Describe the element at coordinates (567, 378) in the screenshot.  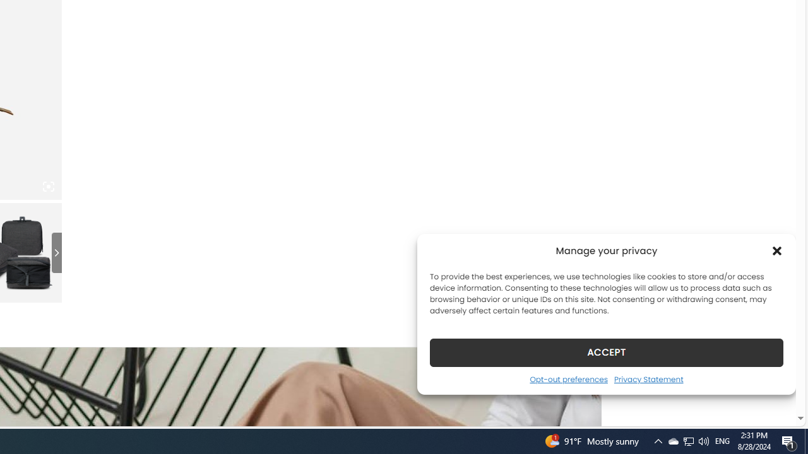
I see `'Opt-out preferences'` at that location.